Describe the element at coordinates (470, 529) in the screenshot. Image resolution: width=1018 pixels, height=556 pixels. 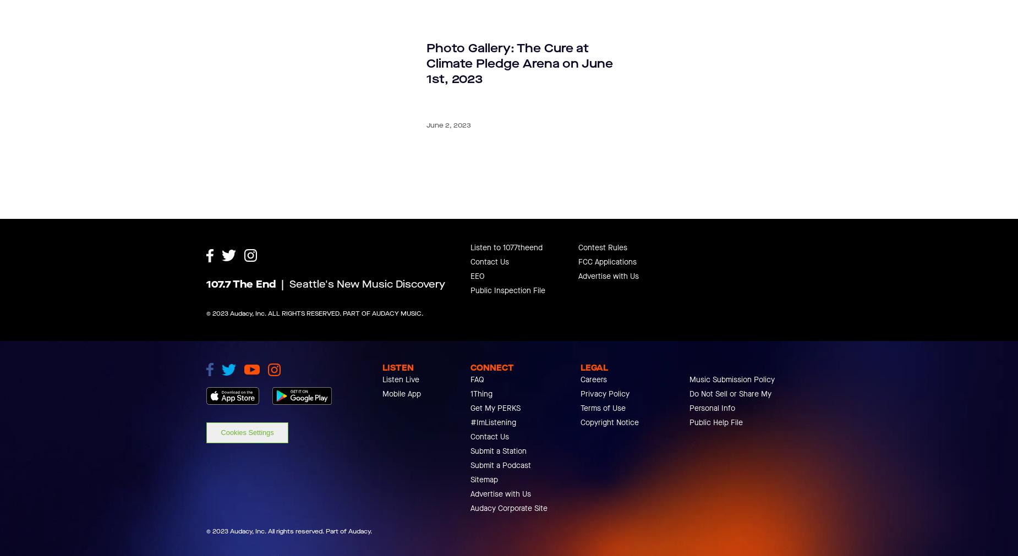
I see `'Sitemap'` at that location.